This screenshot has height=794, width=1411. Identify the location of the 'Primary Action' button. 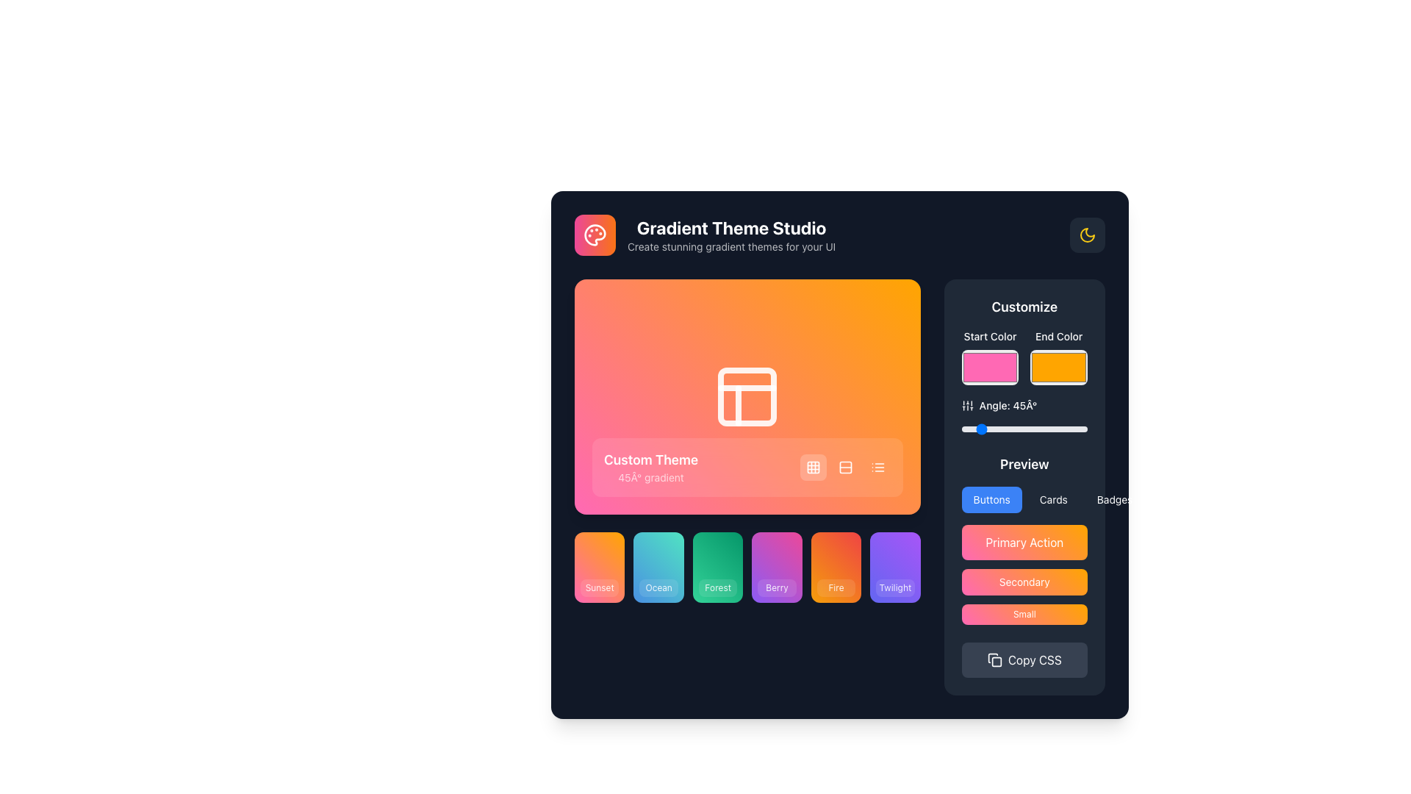
(1024, 542).